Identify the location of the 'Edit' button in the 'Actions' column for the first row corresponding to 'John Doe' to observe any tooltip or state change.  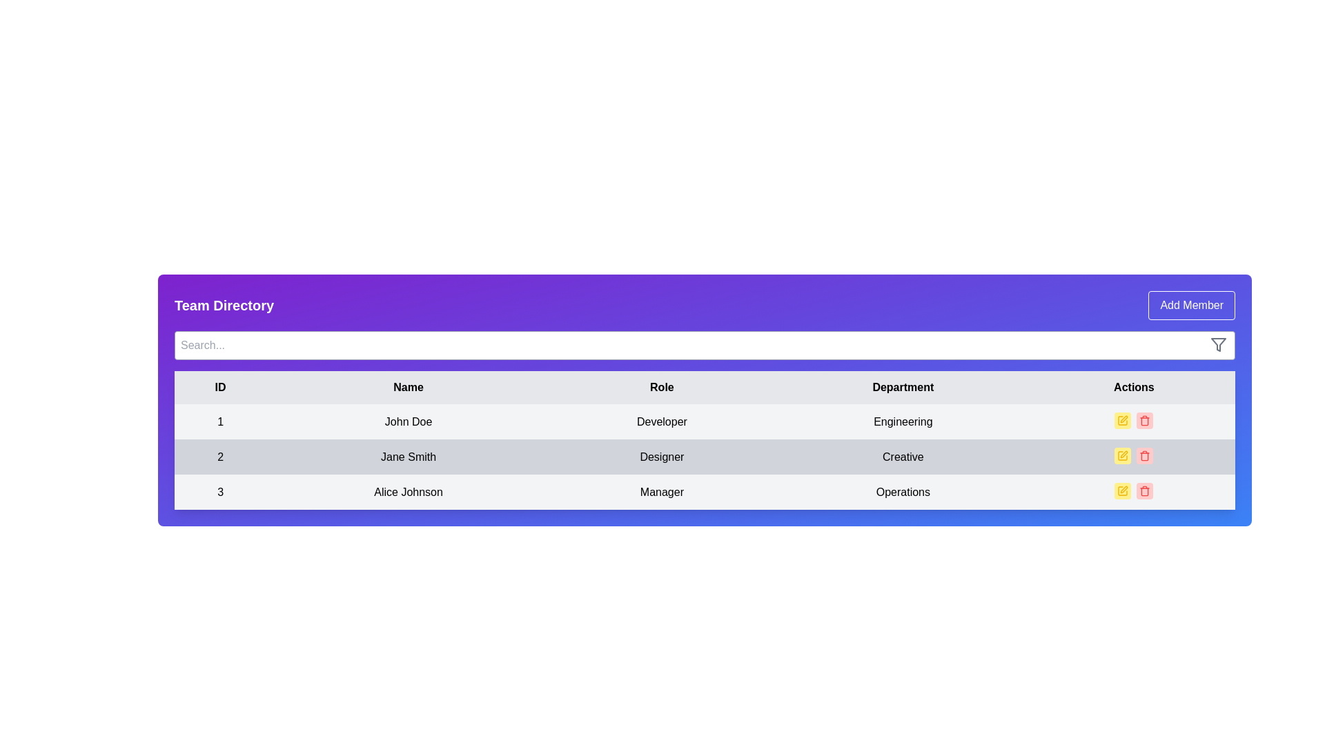
(1123, 419).